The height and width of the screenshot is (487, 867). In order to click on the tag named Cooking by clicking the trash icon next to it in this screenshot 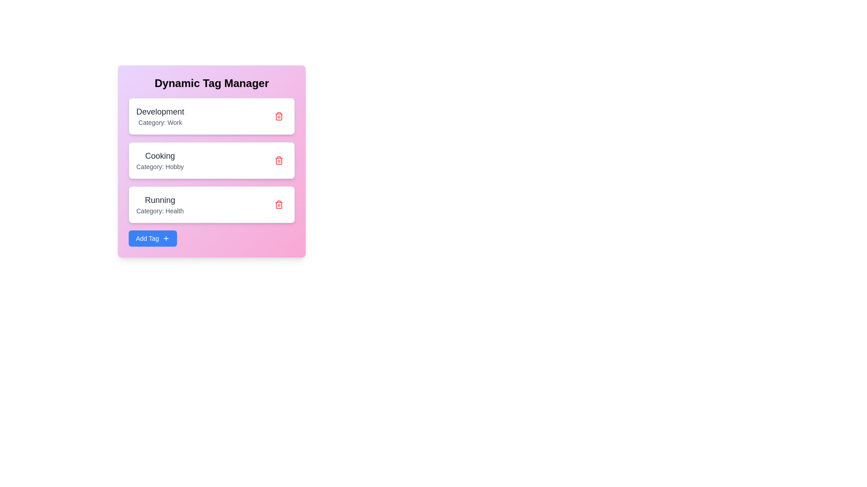, I will do `click(279, 160)`.